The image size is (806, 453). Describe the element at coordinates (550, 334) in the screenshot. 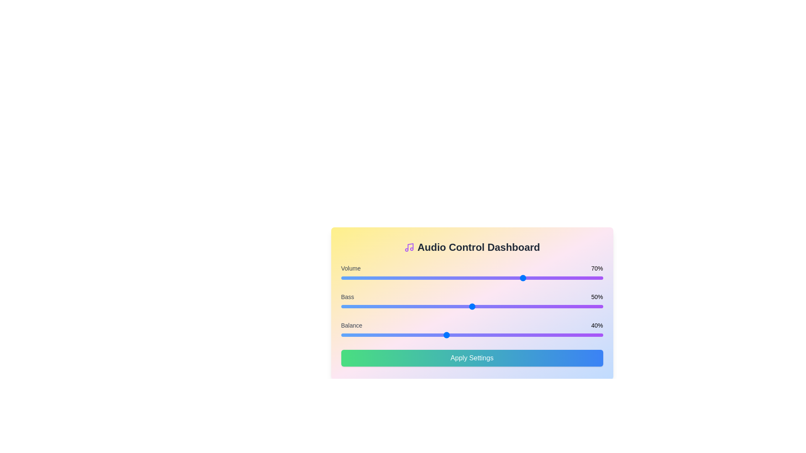

I see `balance` at that location.